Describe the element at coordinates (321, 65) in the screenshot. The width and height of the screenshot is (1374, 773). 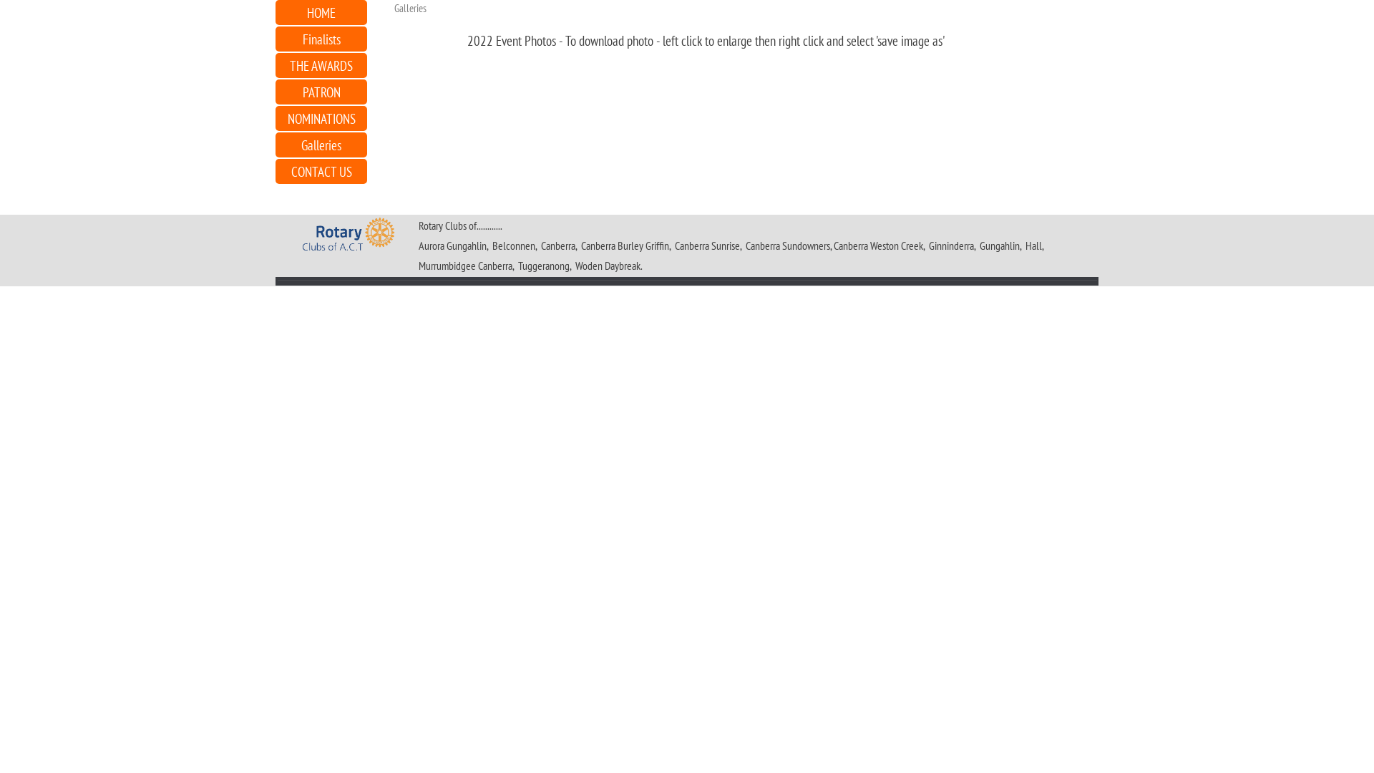
I see `'THE AWARDS'` at that location.